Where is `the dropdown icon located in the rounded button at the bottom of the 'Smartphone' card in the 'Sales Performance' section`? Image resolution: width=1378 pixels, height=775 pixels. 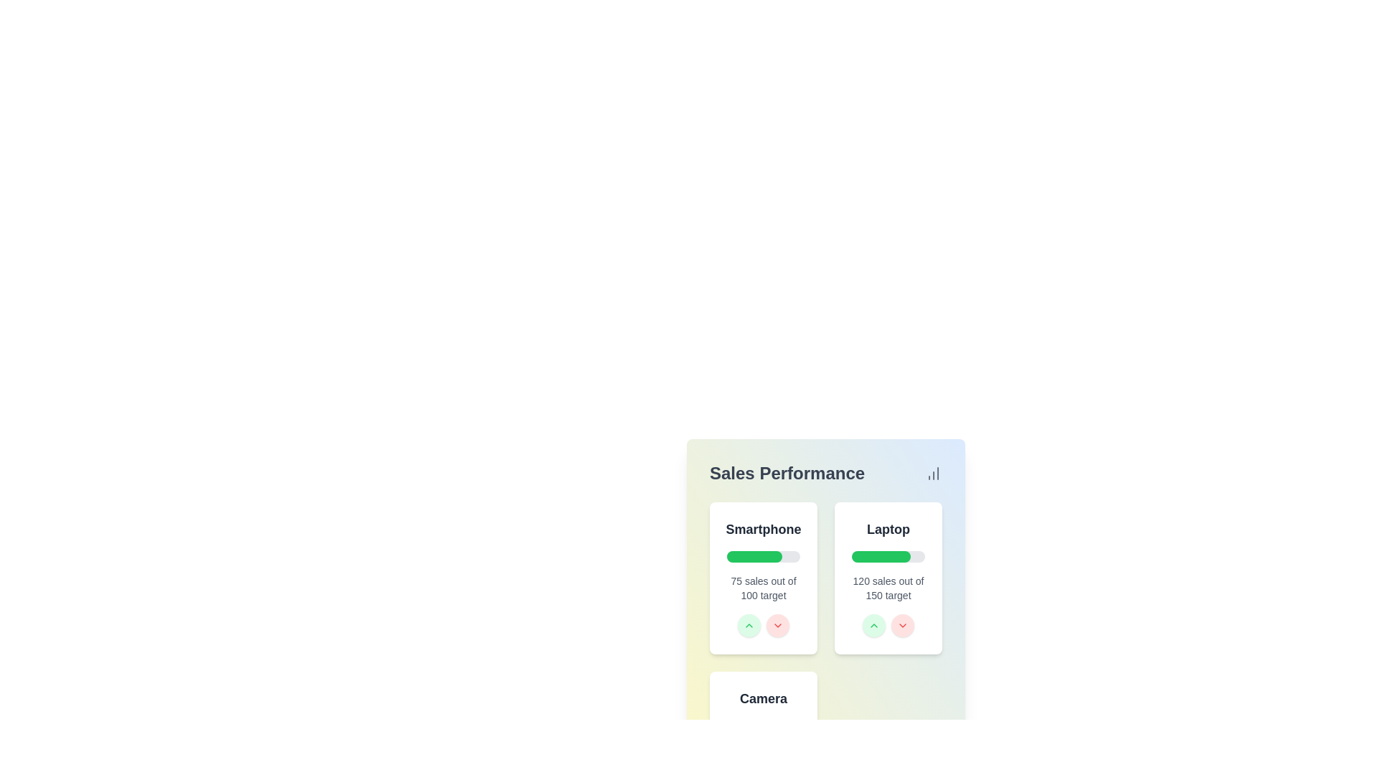 the dropdown icon located in the rounded button at the bottom of the 'Smartphone' card in the 'Sales Performance' section is located at coordinates (777, 624).